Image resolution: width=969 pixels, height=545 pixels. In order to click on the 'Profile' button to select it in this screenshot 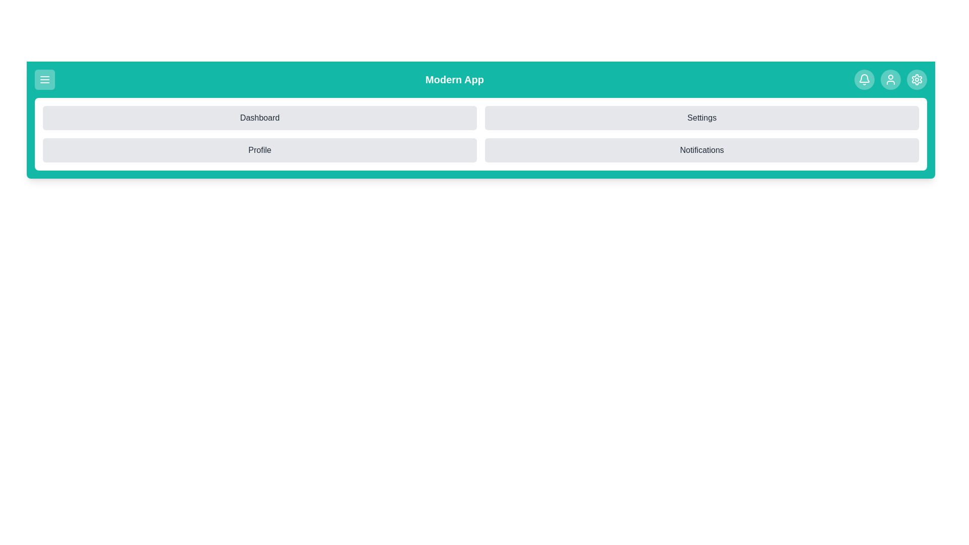, I will do `click(259, 150)`.